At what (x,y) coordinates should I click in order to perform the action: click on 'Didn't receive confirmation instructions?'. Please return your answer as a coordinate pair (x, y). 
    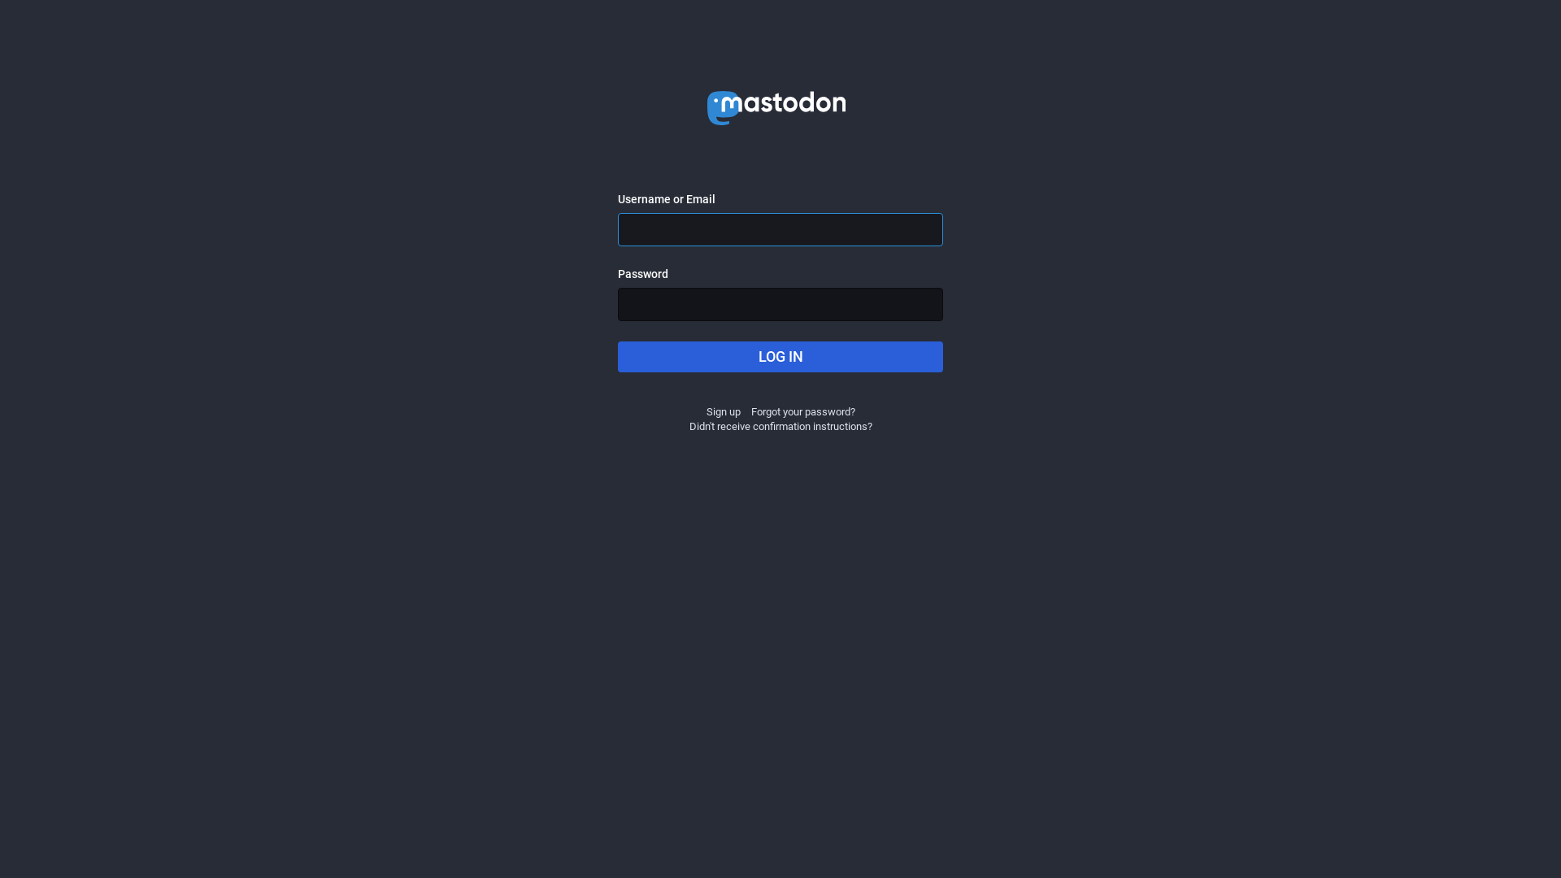
    Looking at the image, I should click on (780, 425).